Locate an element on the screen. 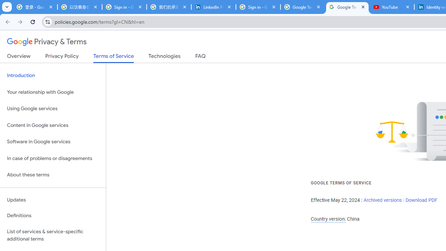  'In case of problems or disagreements' is located at coordinates (53, 158).